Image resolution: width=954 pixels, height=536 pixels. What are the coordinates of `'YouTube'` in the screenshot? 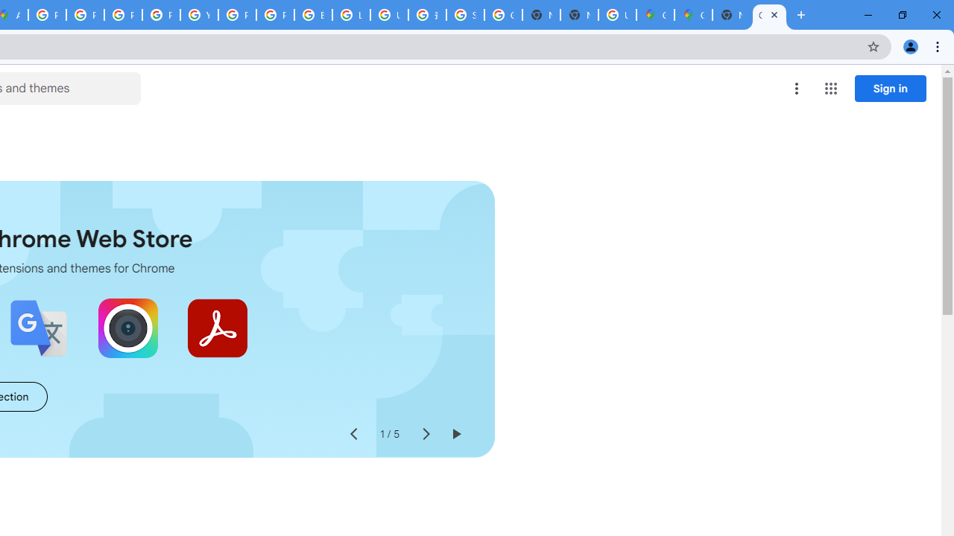 It's located at (198, 15).